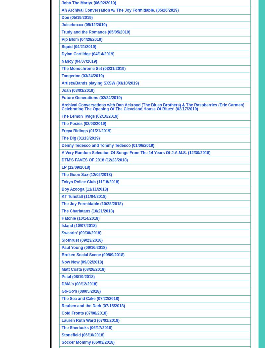  I want to click on 'Now Now   (09/02/2018)', so click(82, 261).